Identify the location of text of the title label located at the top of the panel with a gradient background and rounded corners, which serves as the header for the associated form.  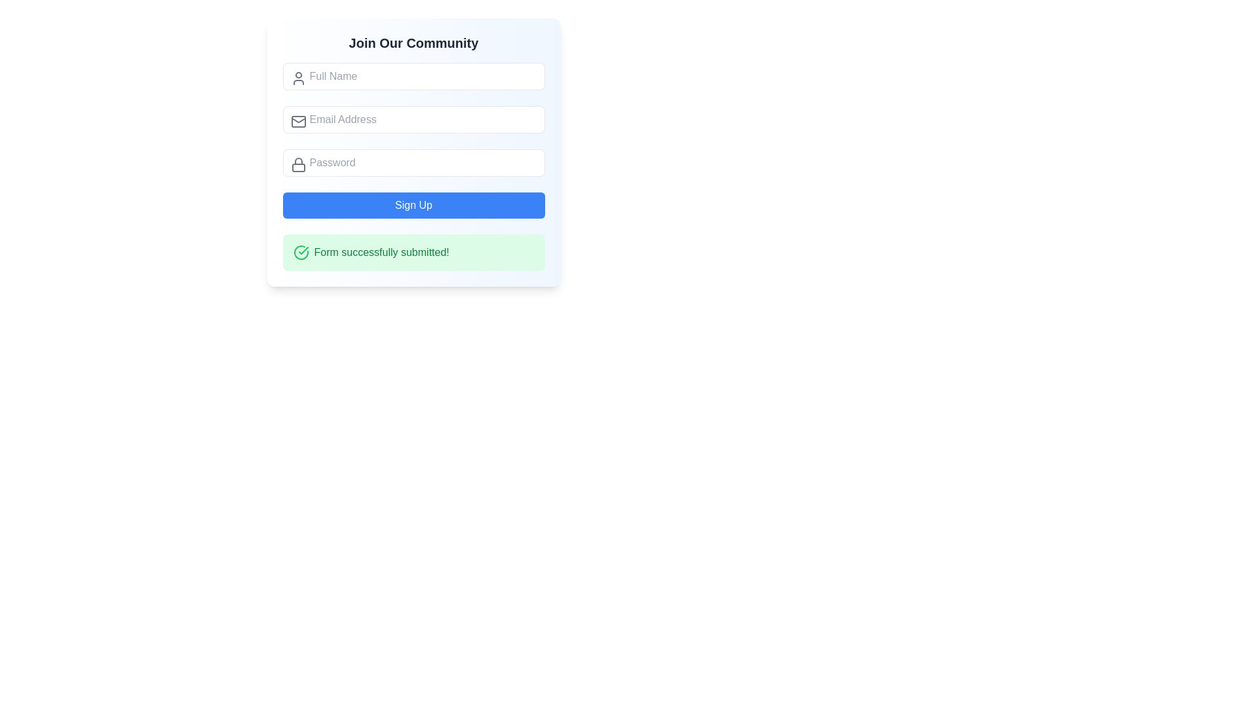
(413, 42).